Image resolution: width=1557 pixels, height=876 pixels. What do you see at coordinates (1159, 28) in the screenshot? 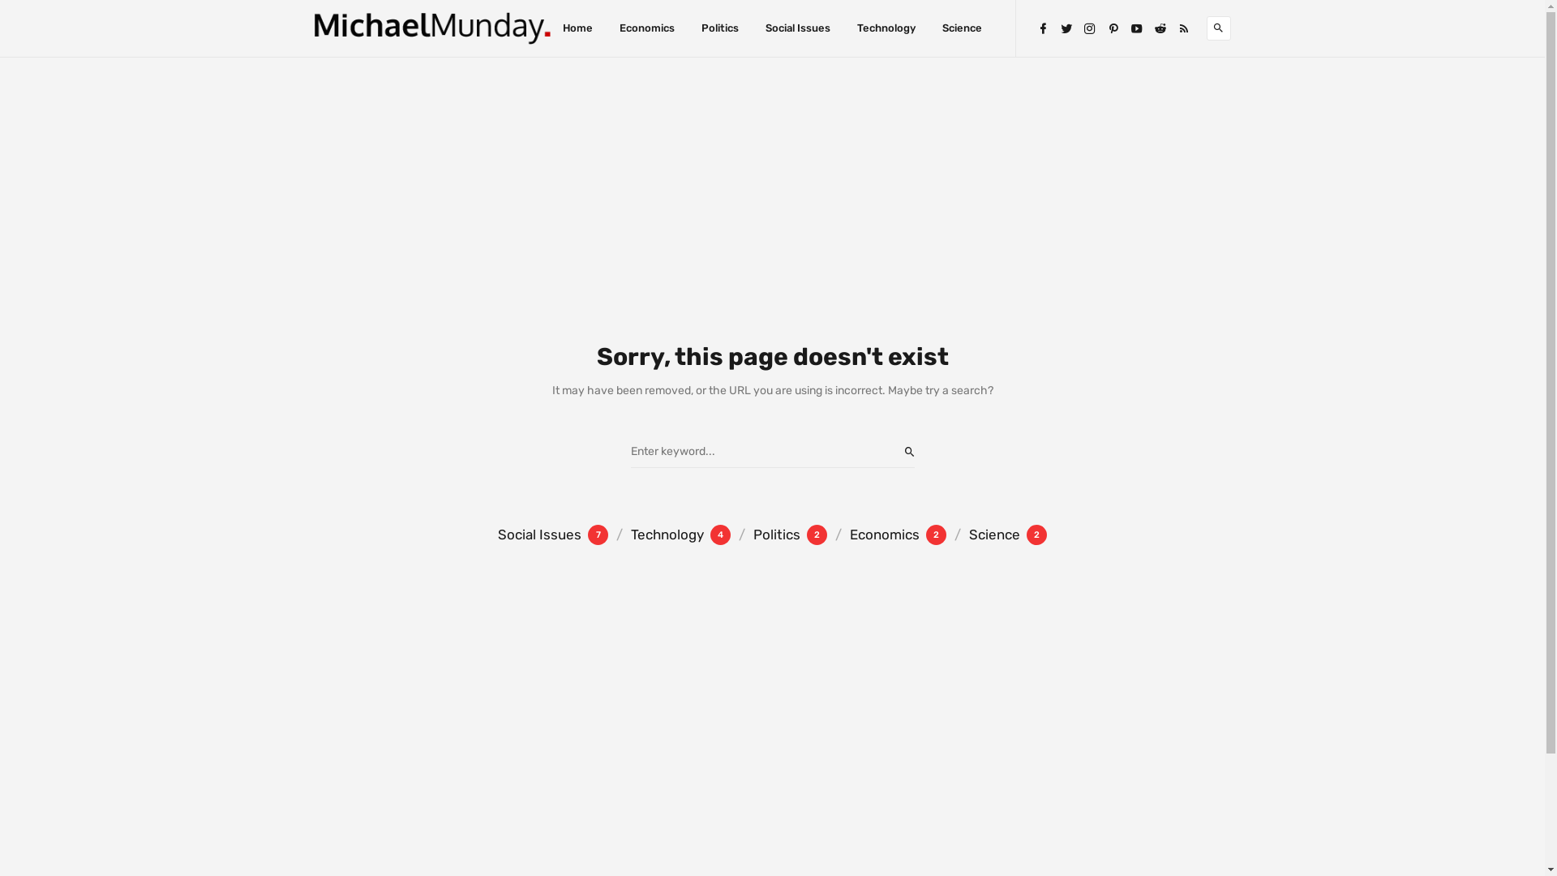
I see `'Reddit'` at bounding box center [1159, 28].